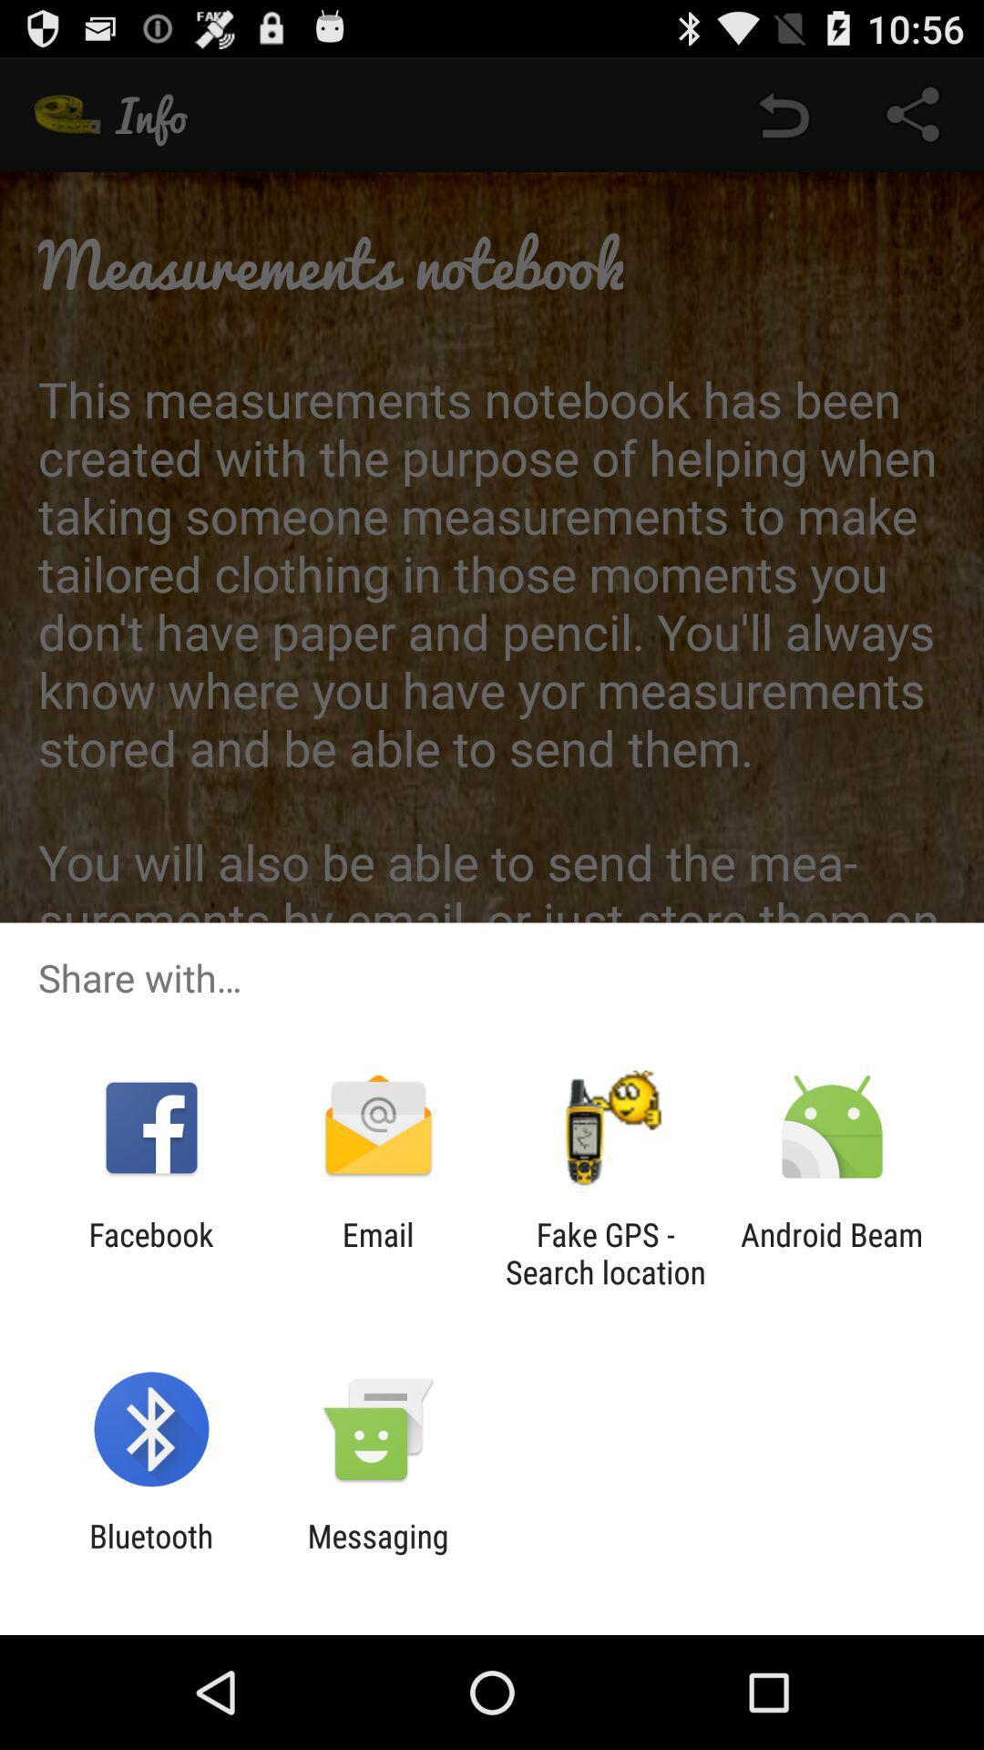 This screenshot has width=984, height=1750. I want to click on the fake gps search app, so click(605, 1252).